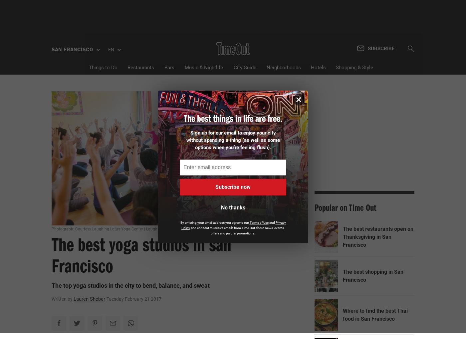 Image resolution: width=466 pixels, height=339 pixels. I want to click on 'Shopping & Style', so click(336, 67).